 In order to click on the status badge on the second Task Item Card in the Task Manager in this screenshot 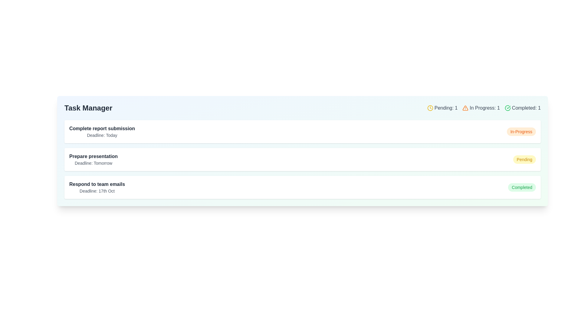, I will do `click(302, 159)`.